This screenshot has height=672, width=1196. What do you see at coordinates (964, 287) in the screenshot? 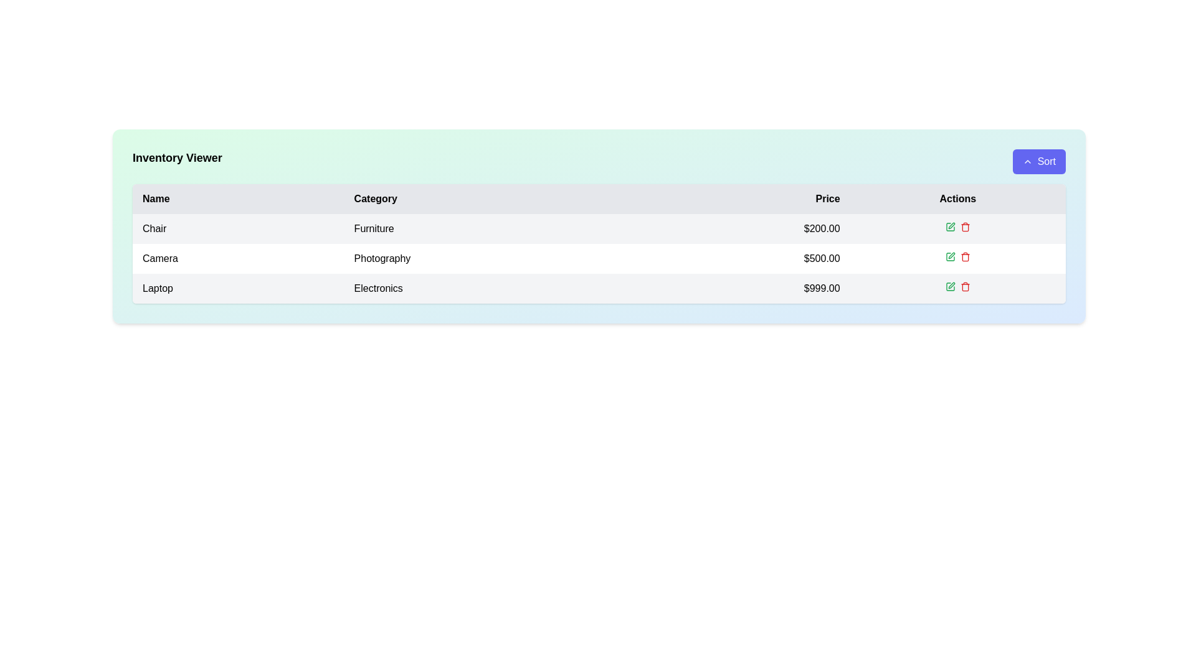
I see `the red trash icon button located` at bounding box center [964, 287].